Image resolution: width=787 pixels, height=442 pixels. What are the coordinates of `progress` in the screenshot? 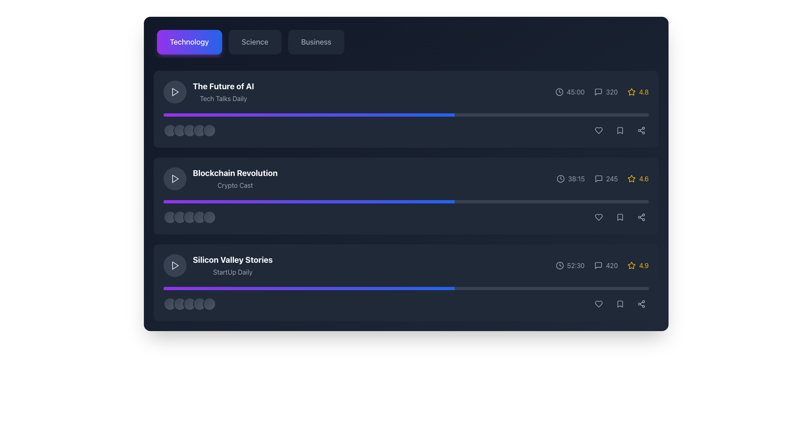 It's located at (195, 202).